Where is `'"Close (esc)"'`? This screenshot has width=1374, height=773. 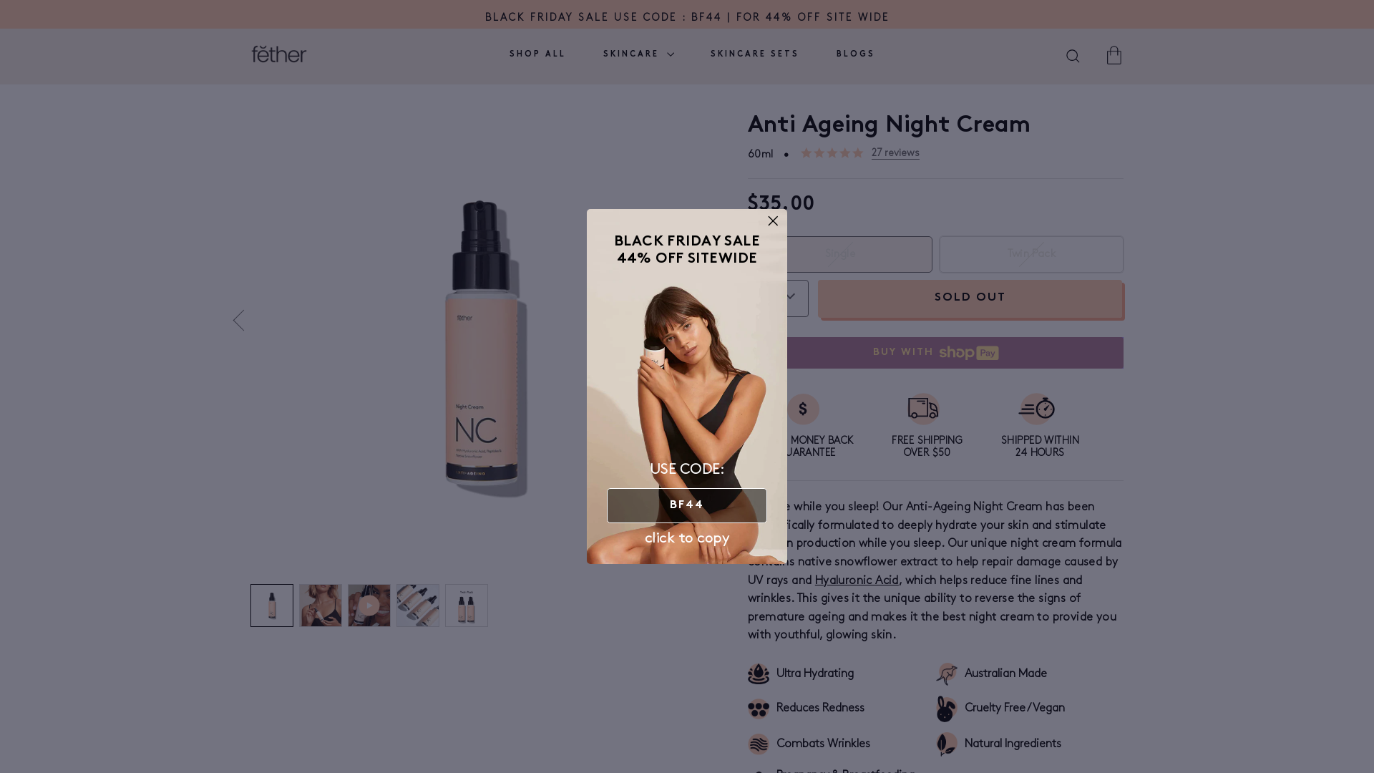
'"Close (esc)"' is located at coordinates (774, 220).